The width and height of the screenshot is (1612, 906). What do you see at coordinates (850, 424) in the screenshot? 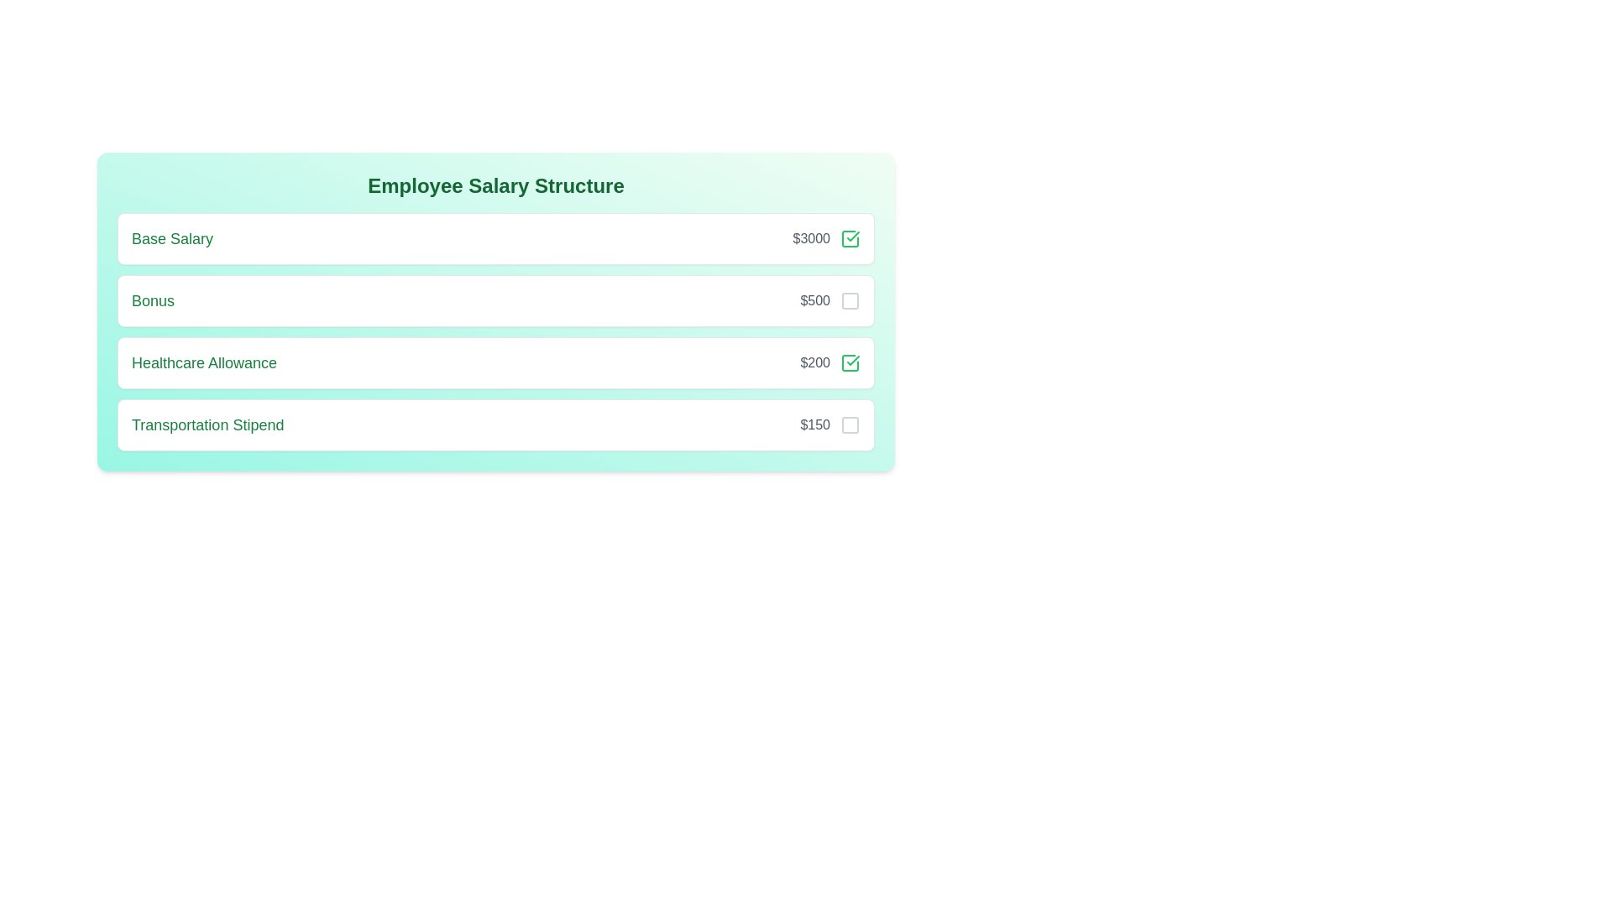
I see `the salary breakdown item corresponding to Transportation Stipend` at bounding box center [850, 424].